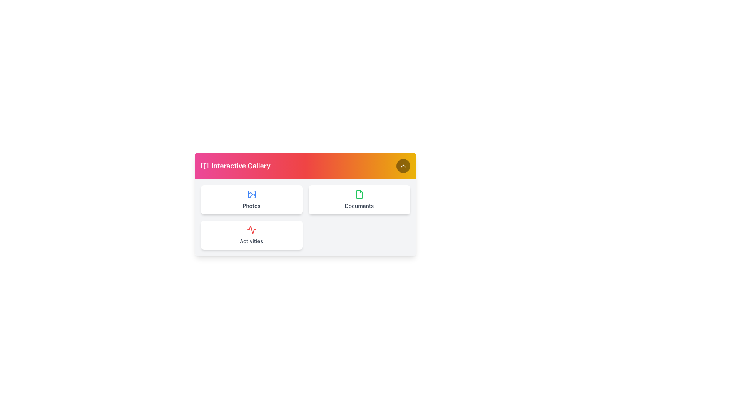 The width and height of the screenshot is (739, 415). Describe the element at coordinates (251, 241) in the screenshot. I see `the 'Activities' text label located at the bottom of a rounded white panel, styled in gray with a small font and medium weight` at that location.